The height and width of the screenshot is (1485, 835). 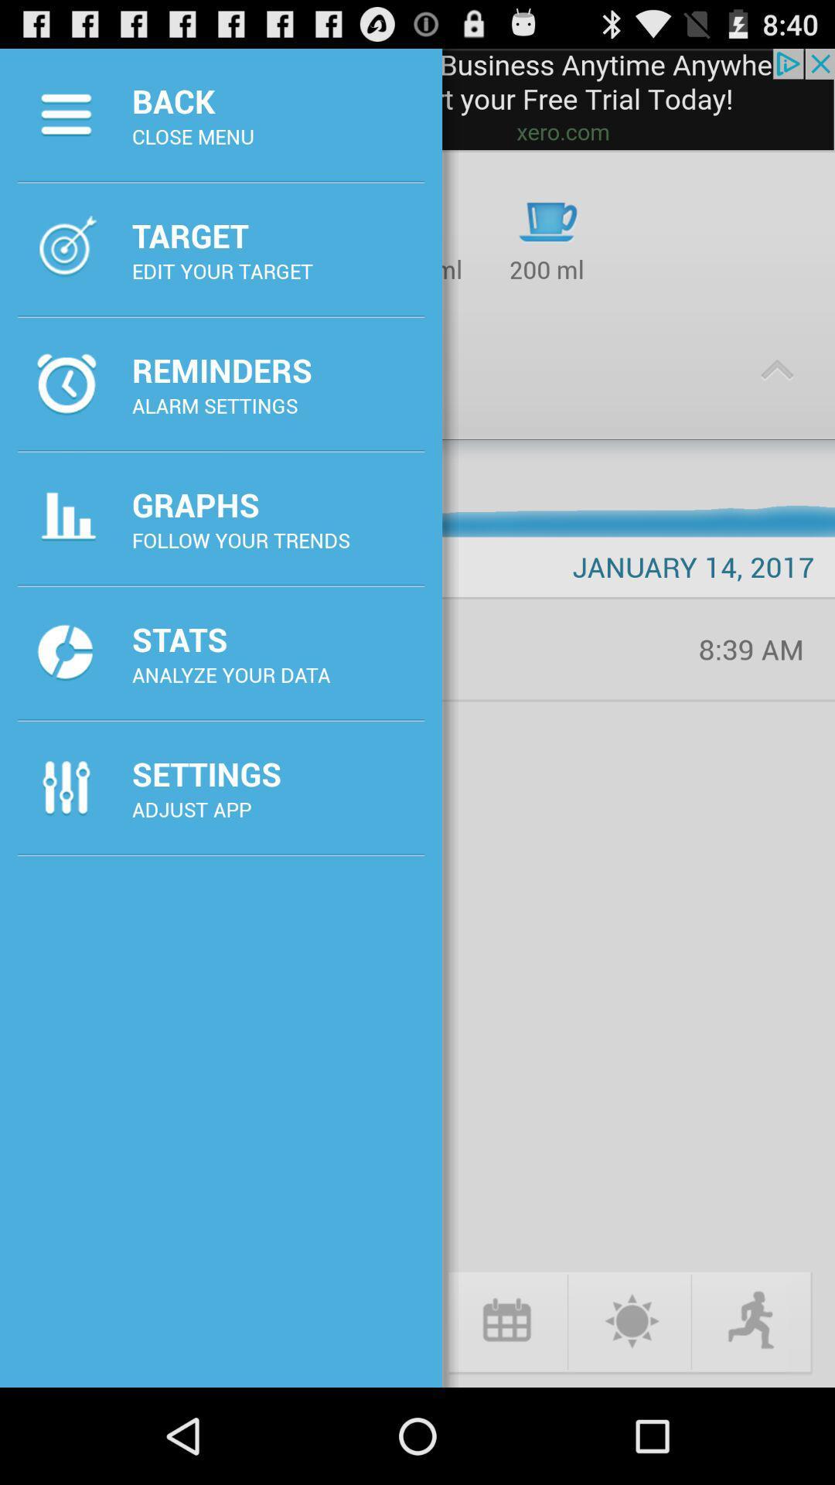 I want to click on the expand_less icon, so click(x=777, y=394).